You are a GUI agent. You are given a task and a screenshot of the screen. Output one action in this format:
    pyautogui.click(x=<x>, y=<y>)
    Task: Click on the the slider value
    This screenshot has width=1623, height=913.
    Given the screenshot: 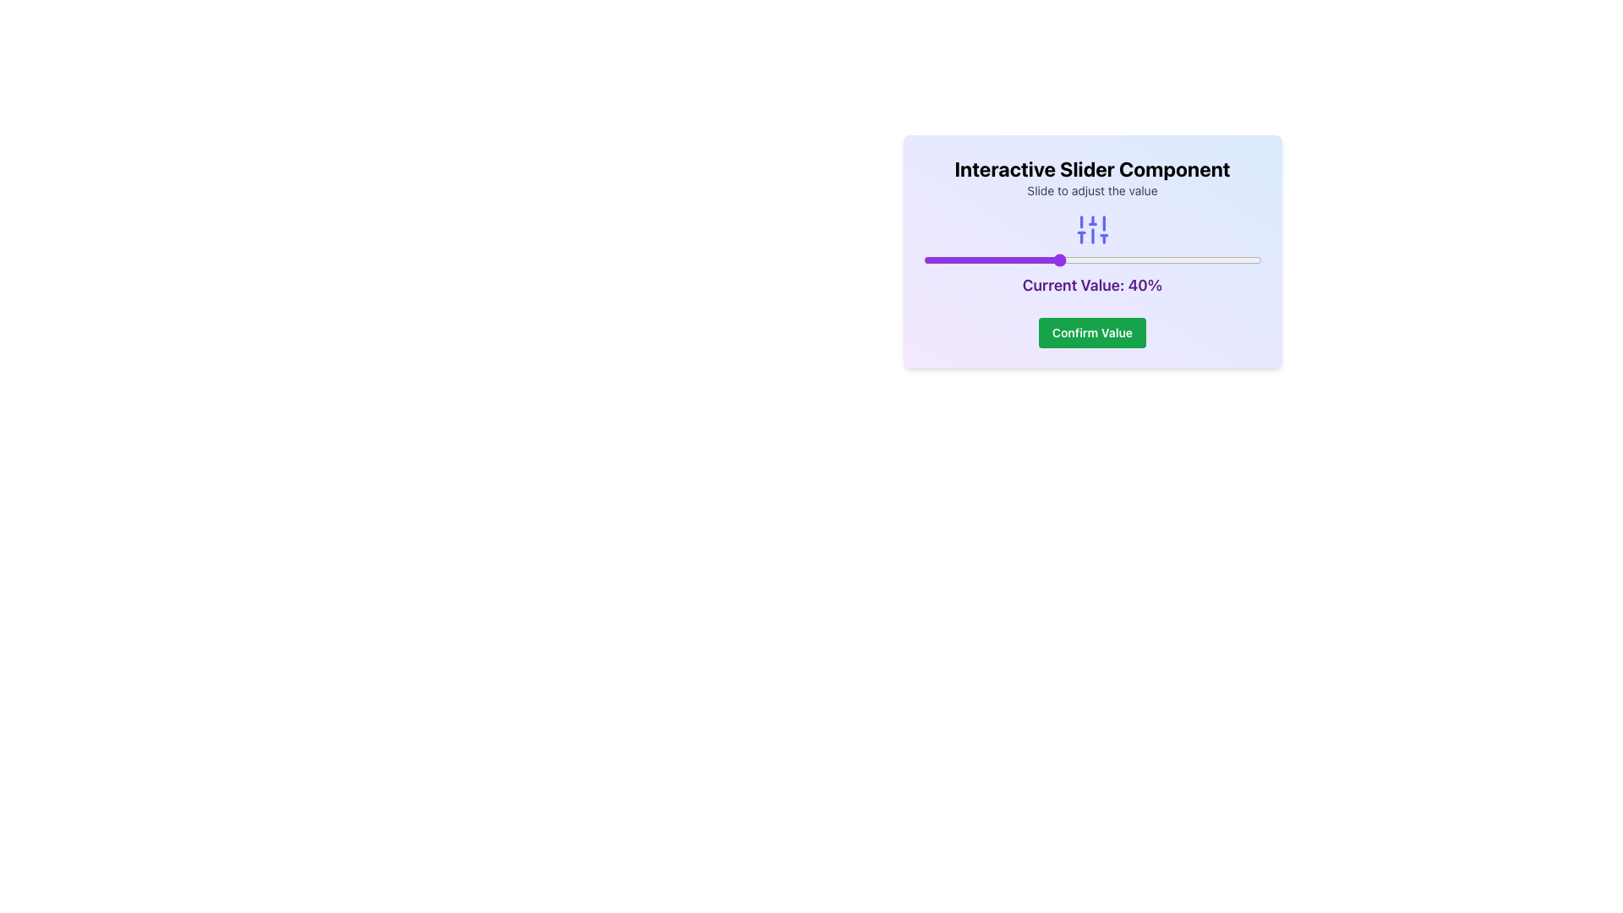 What is the action you would take?
    pyautogui.click(x=1179, y=260)
    